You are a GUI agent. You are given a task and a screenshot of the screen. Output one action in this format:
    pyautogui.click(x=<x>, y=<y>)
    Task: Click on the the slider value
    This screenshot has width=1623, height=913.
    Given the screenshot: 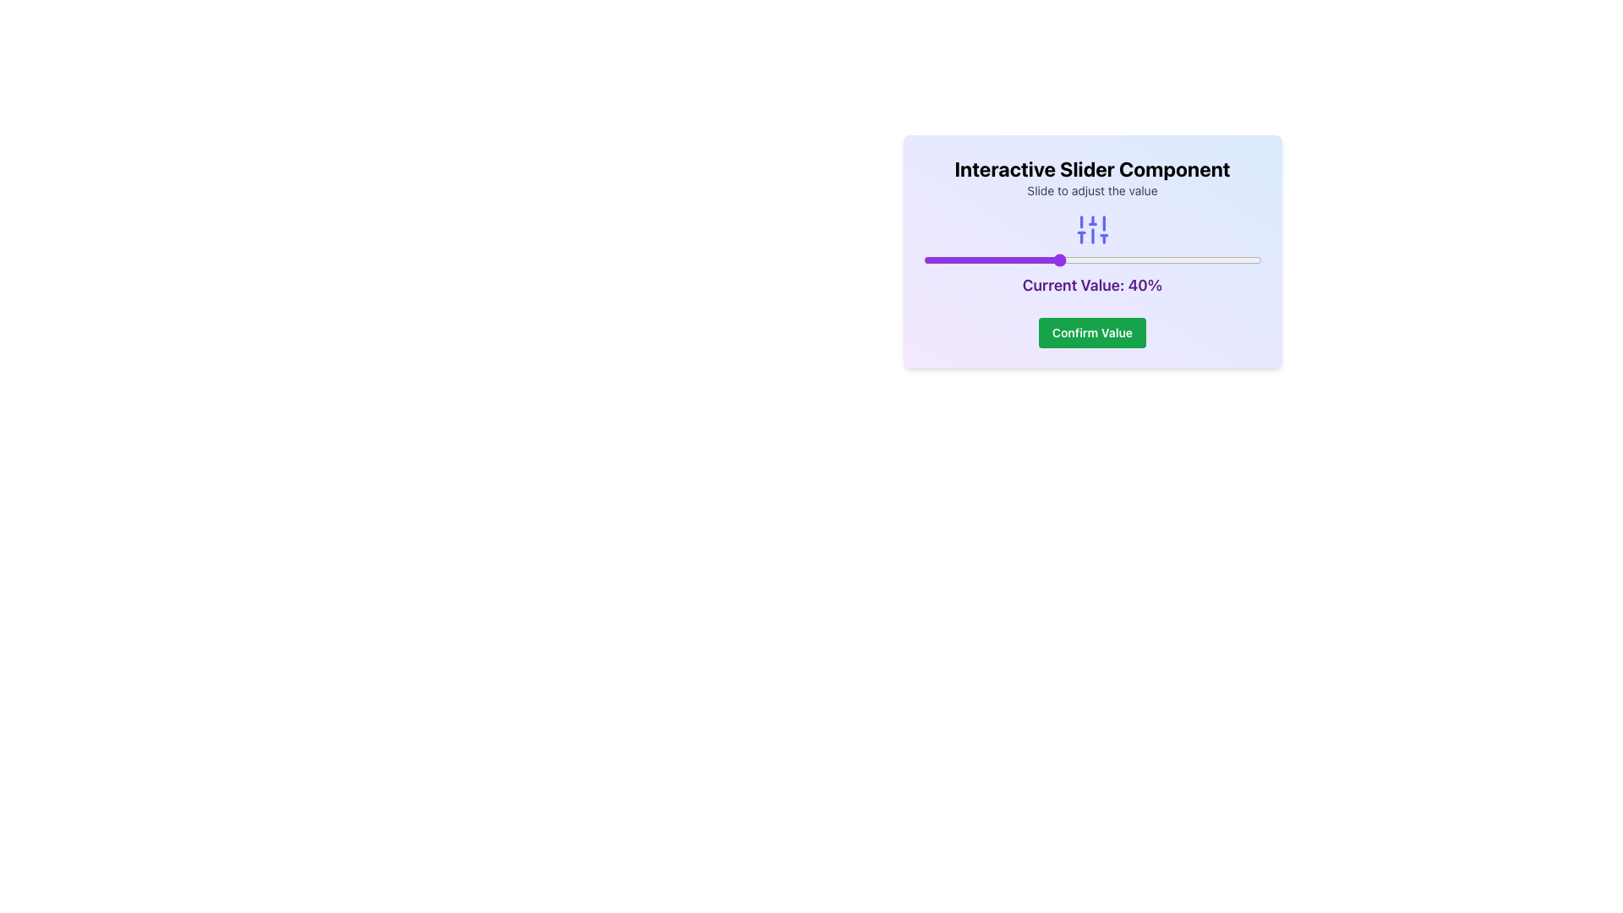 What is the action you would take?
    pyautogui.click(x=1179, y=260)
    